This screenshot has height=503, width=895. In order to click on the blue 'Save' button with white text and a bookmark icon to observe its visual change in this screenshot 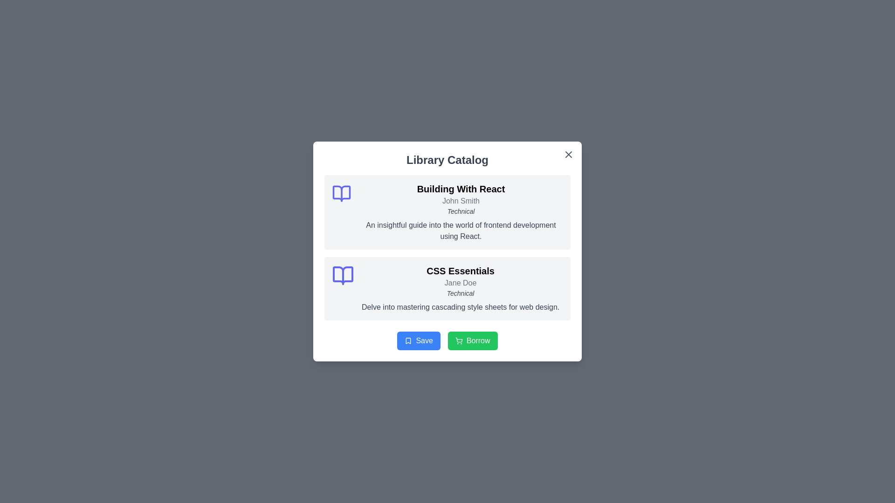, I will do `click(418, 341)`.